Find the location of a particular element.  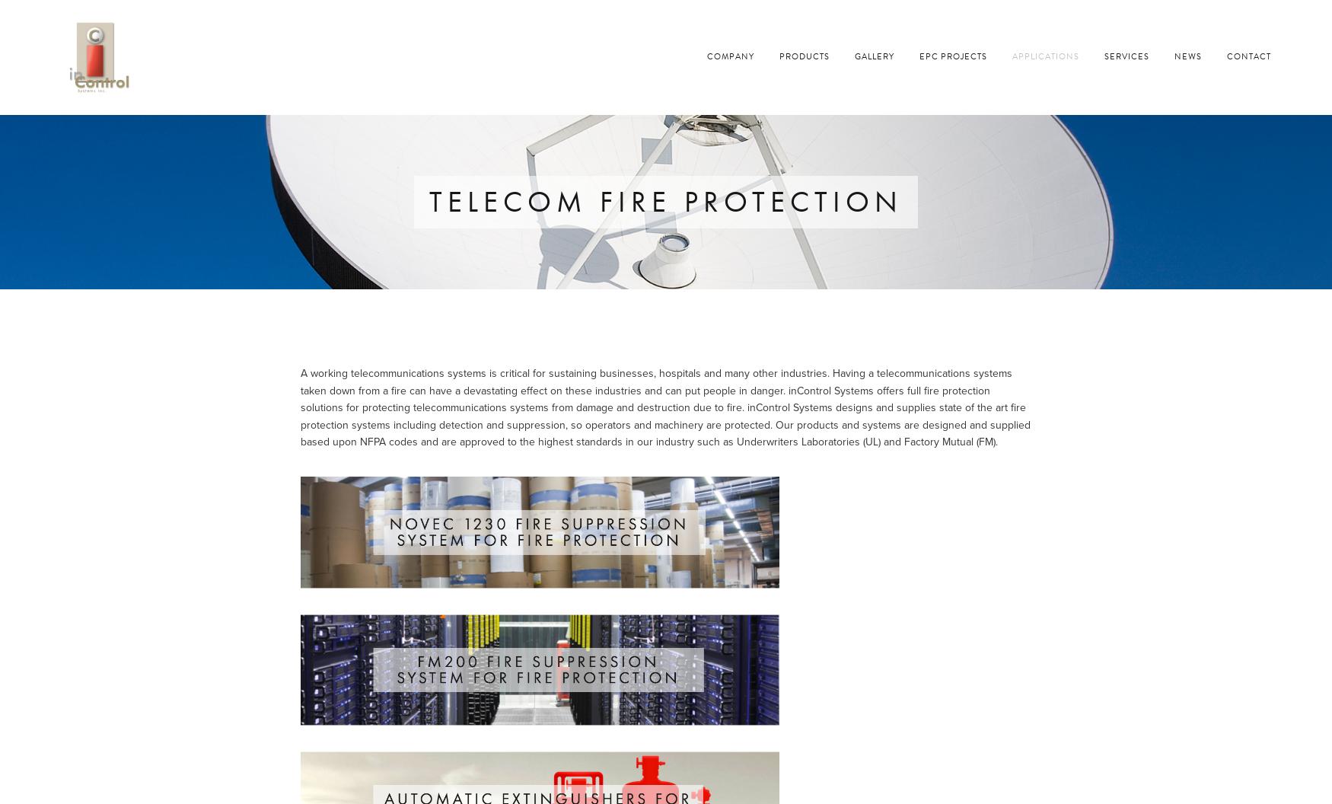

'Products' is located at coordinates (804, 56).